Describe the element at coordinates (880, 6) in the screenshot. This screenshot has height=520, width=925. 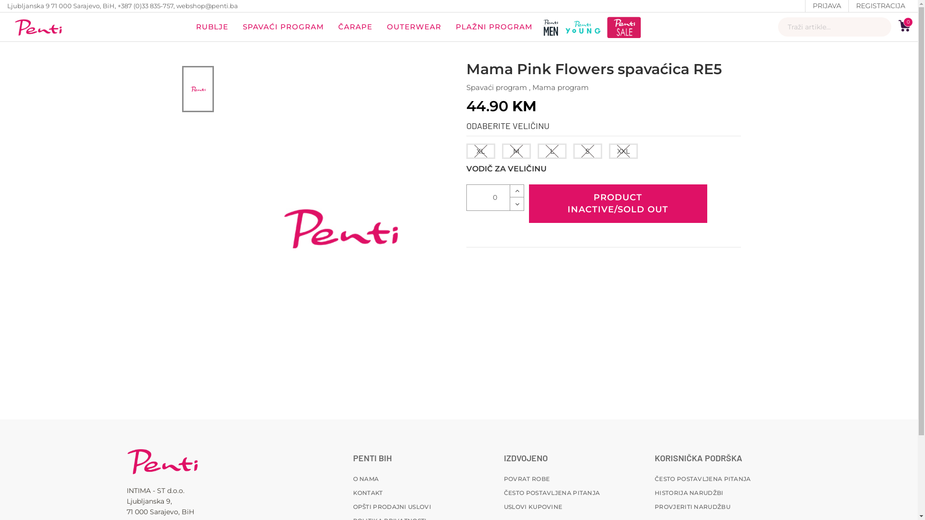
I see `'REGISTRACIJA'` at that location.